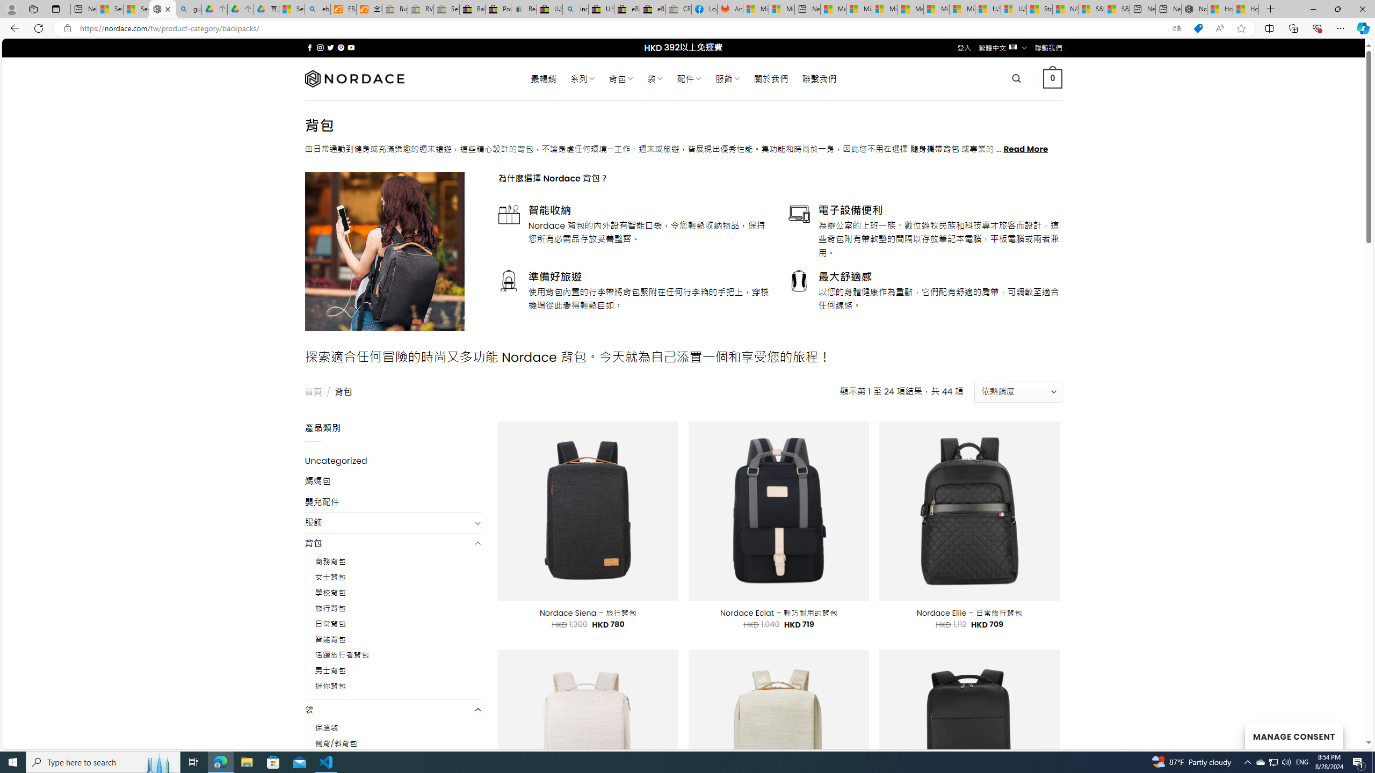  I want to click on ' 0 ', so click(1053, 78).